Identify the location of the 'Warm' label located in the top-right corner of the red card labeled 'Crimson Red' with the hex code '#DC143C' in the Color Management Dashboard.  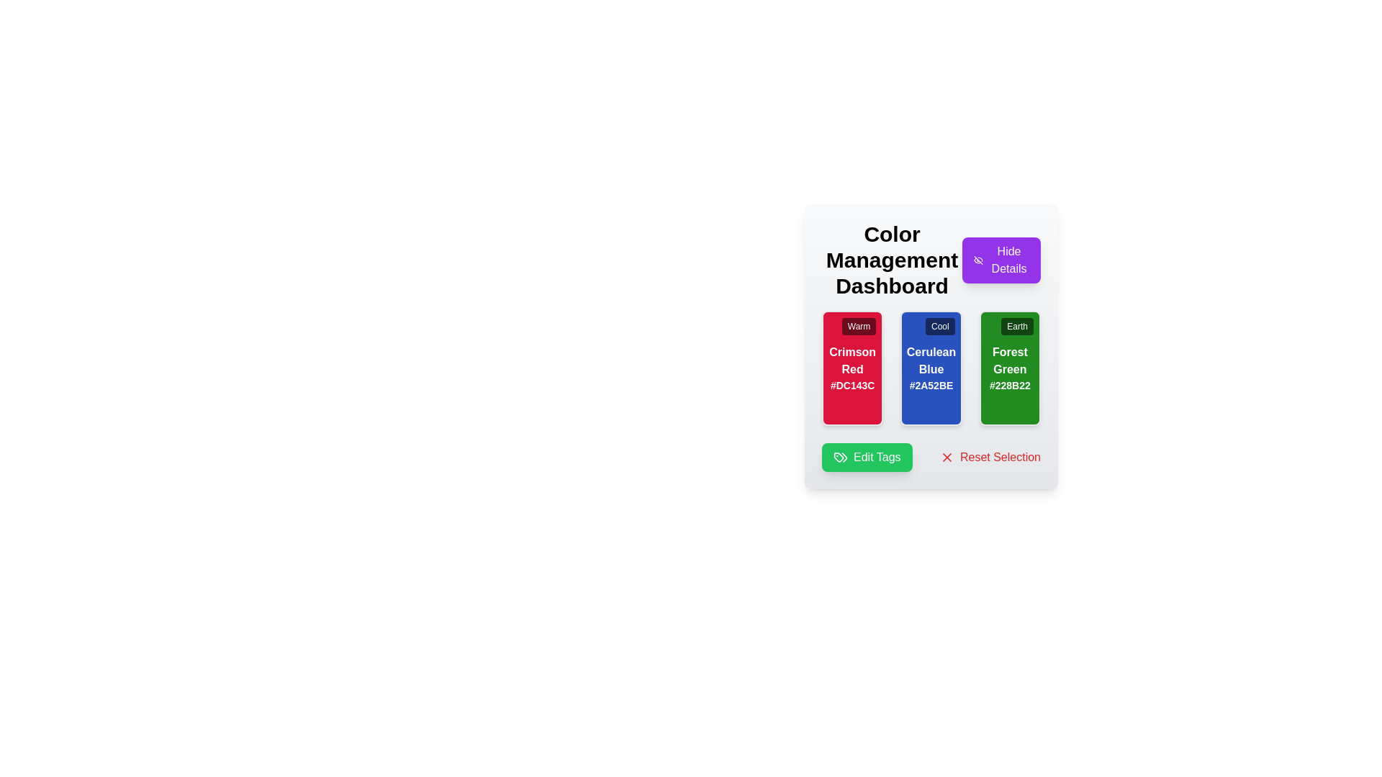
(859, 327).